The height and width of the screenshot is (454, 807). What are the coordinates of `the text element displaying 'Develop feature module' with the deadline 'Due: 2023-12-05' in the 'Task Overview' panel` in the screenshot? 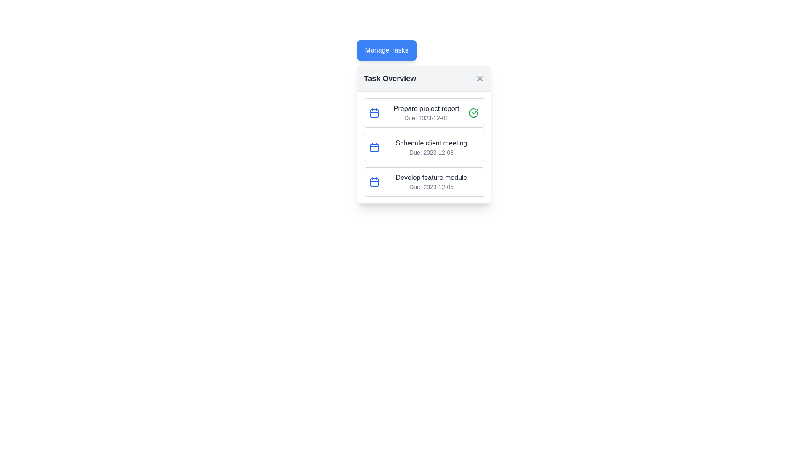 It's located at (431, 181).